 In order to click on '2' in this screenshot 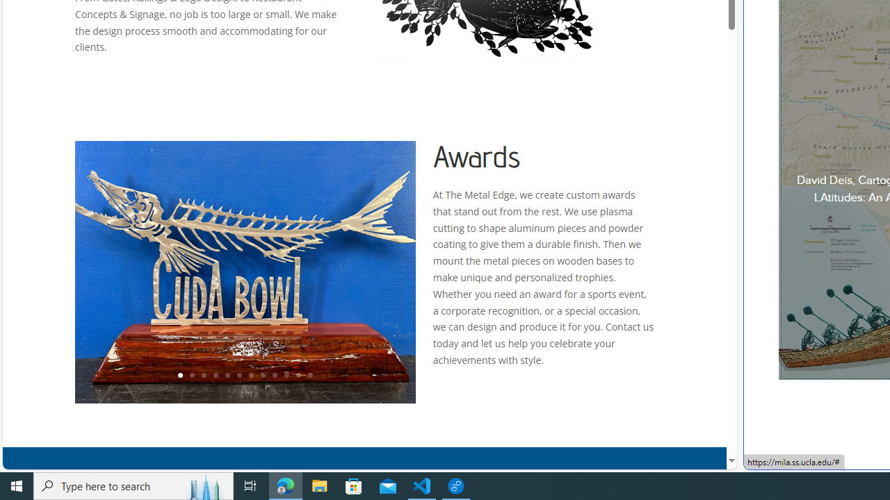, I will do `click(191, 376)`.